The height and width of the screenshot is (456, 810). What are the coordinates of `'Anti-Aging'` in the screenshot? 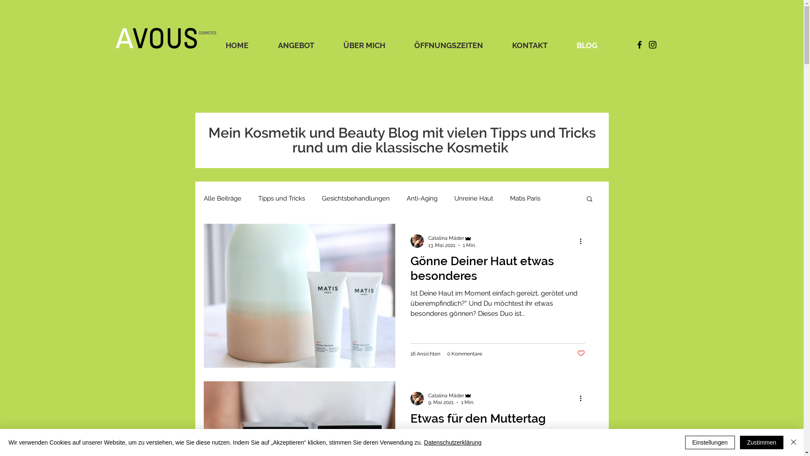 It's located at (407, 198).